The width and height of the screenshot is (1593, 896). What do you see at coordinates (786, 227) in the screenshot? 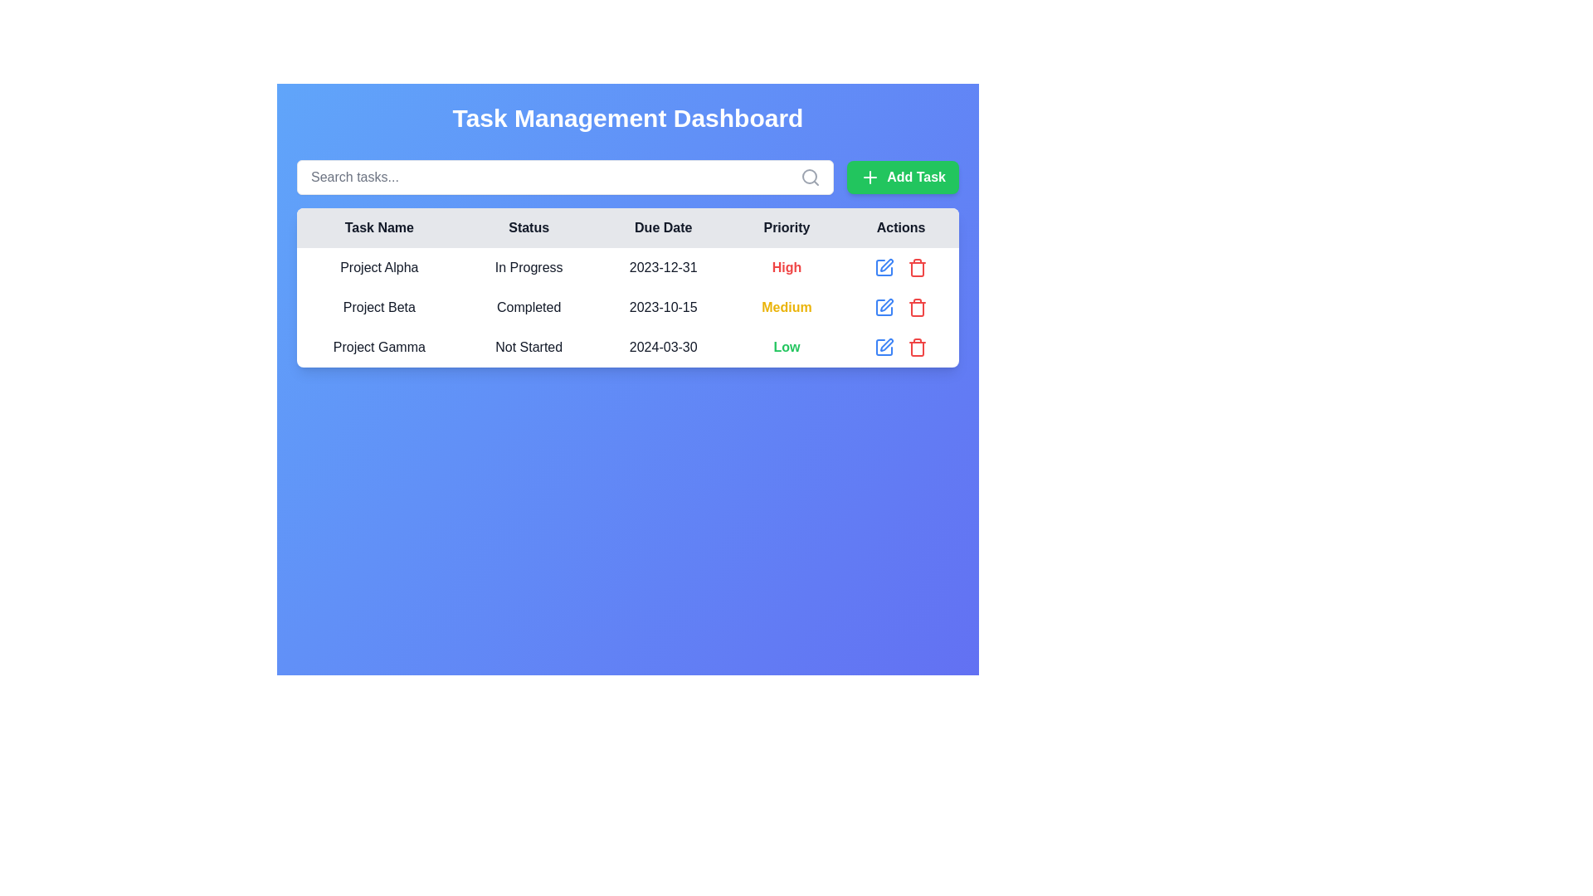
I see `the fourth column header in the table, which serves as a label for the corresponding column listing priority levels of tasks, located between the 'Due Date' and 'Actions' headers` at bounding box center [786, 227].